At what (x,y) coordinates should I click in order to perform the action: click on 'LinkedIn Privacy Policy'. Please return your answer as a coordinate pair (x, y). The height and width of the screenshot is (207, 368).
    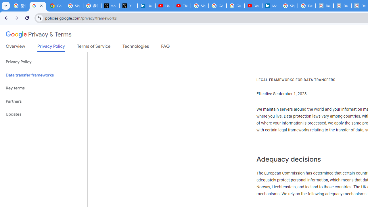
    Looking at the image, I should click on (146, 6).